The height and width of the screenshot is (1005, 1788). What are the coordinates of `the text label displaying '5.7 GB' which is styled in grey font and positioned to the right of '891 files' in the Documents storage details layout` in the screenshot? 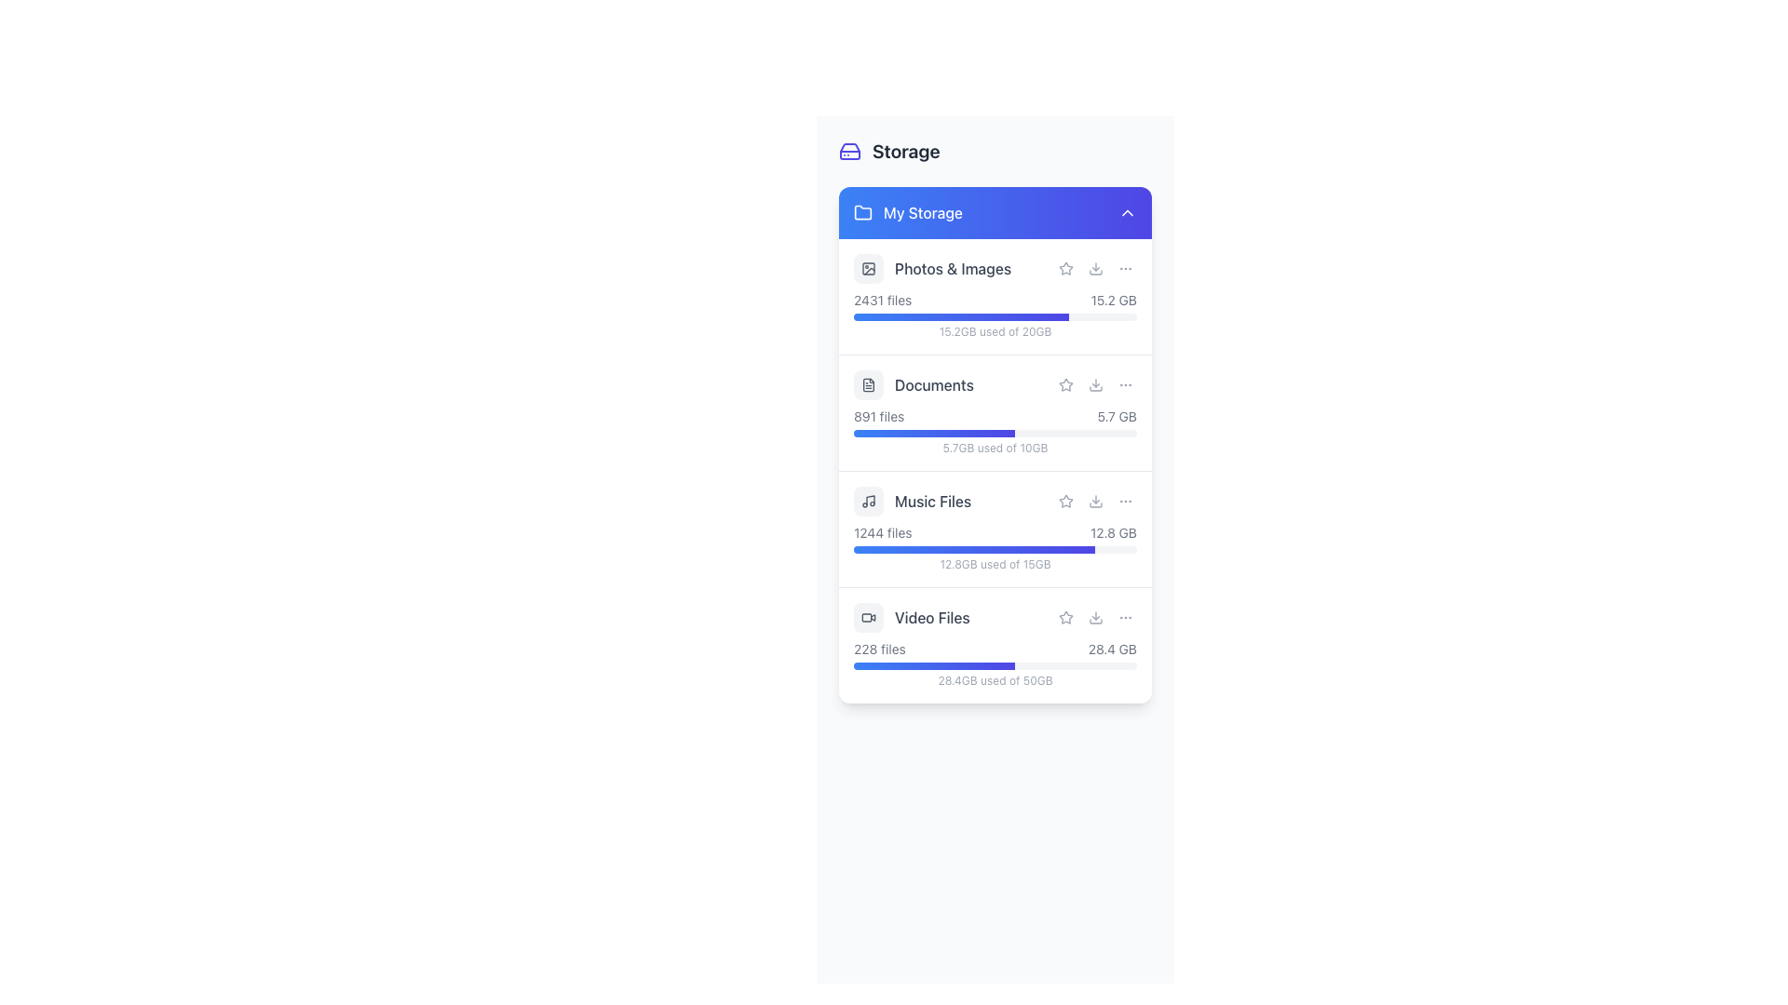 It's located at (1117, 415).